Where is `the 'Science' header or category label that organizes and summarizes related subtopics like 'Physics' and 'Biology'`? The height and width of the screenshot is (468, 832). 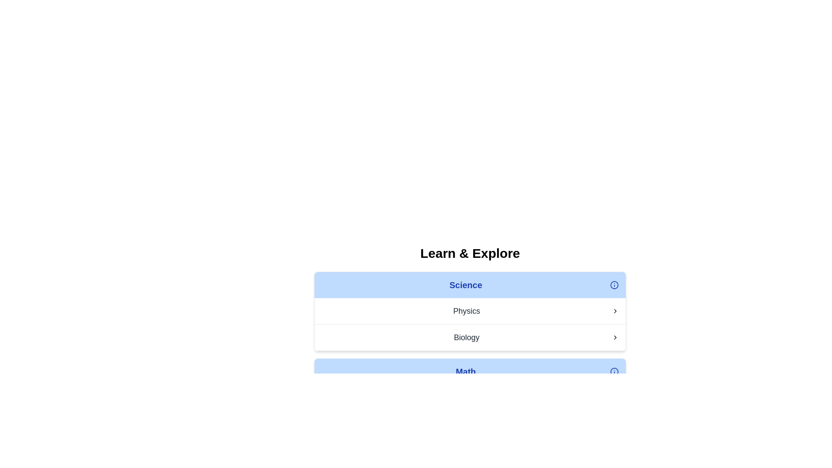 the 'Science' header or category label that organizes and summarizes related subtopics like 'Physics' and 'Biology' is located at coordinates (469, 285).